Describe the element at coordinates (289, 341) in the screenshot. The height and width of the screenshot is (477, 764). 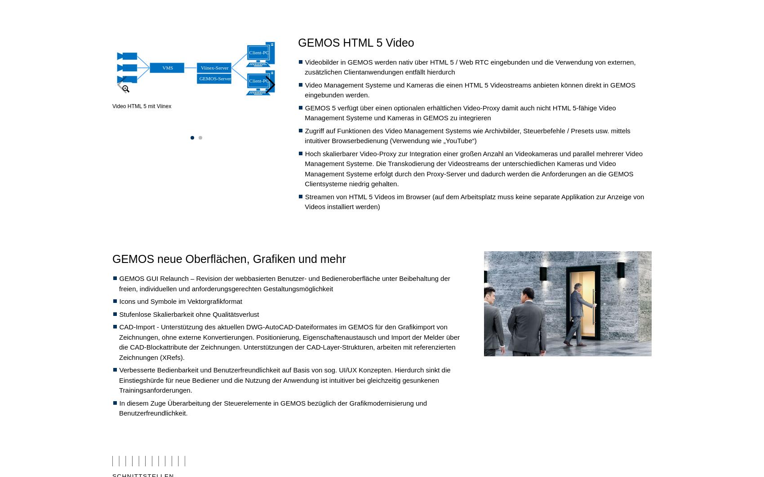
I see `'CAD-Import - Unterstützung des aktuellen DWG-AutoCAD-Dateiformates im GEMOS für den Grafikimport von Zeichnungen, ohne externe Konvertierungen. Positionierung, Eigenschaftenaustausch und Import der Melder über die CAD-Blockattribute der Zeichnungen. Unterstützungen der CAD-Layer-Strukturen, arbeiten mit referenzierten Zeichnungen (XRefs).'` at that location.